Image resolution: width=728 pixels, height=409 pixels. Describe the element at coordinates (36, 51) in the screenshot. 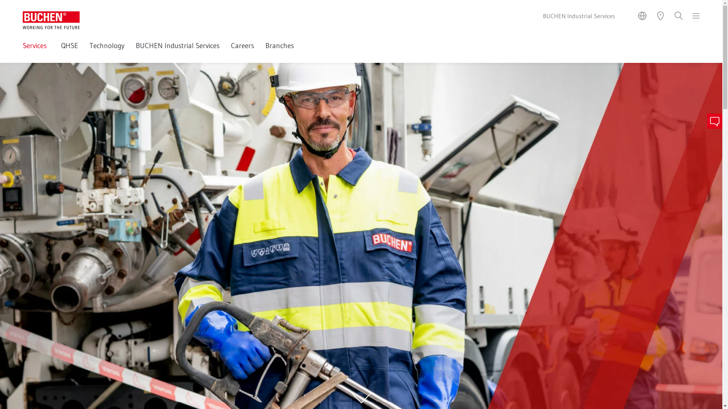

I see `'Services '` at that location.